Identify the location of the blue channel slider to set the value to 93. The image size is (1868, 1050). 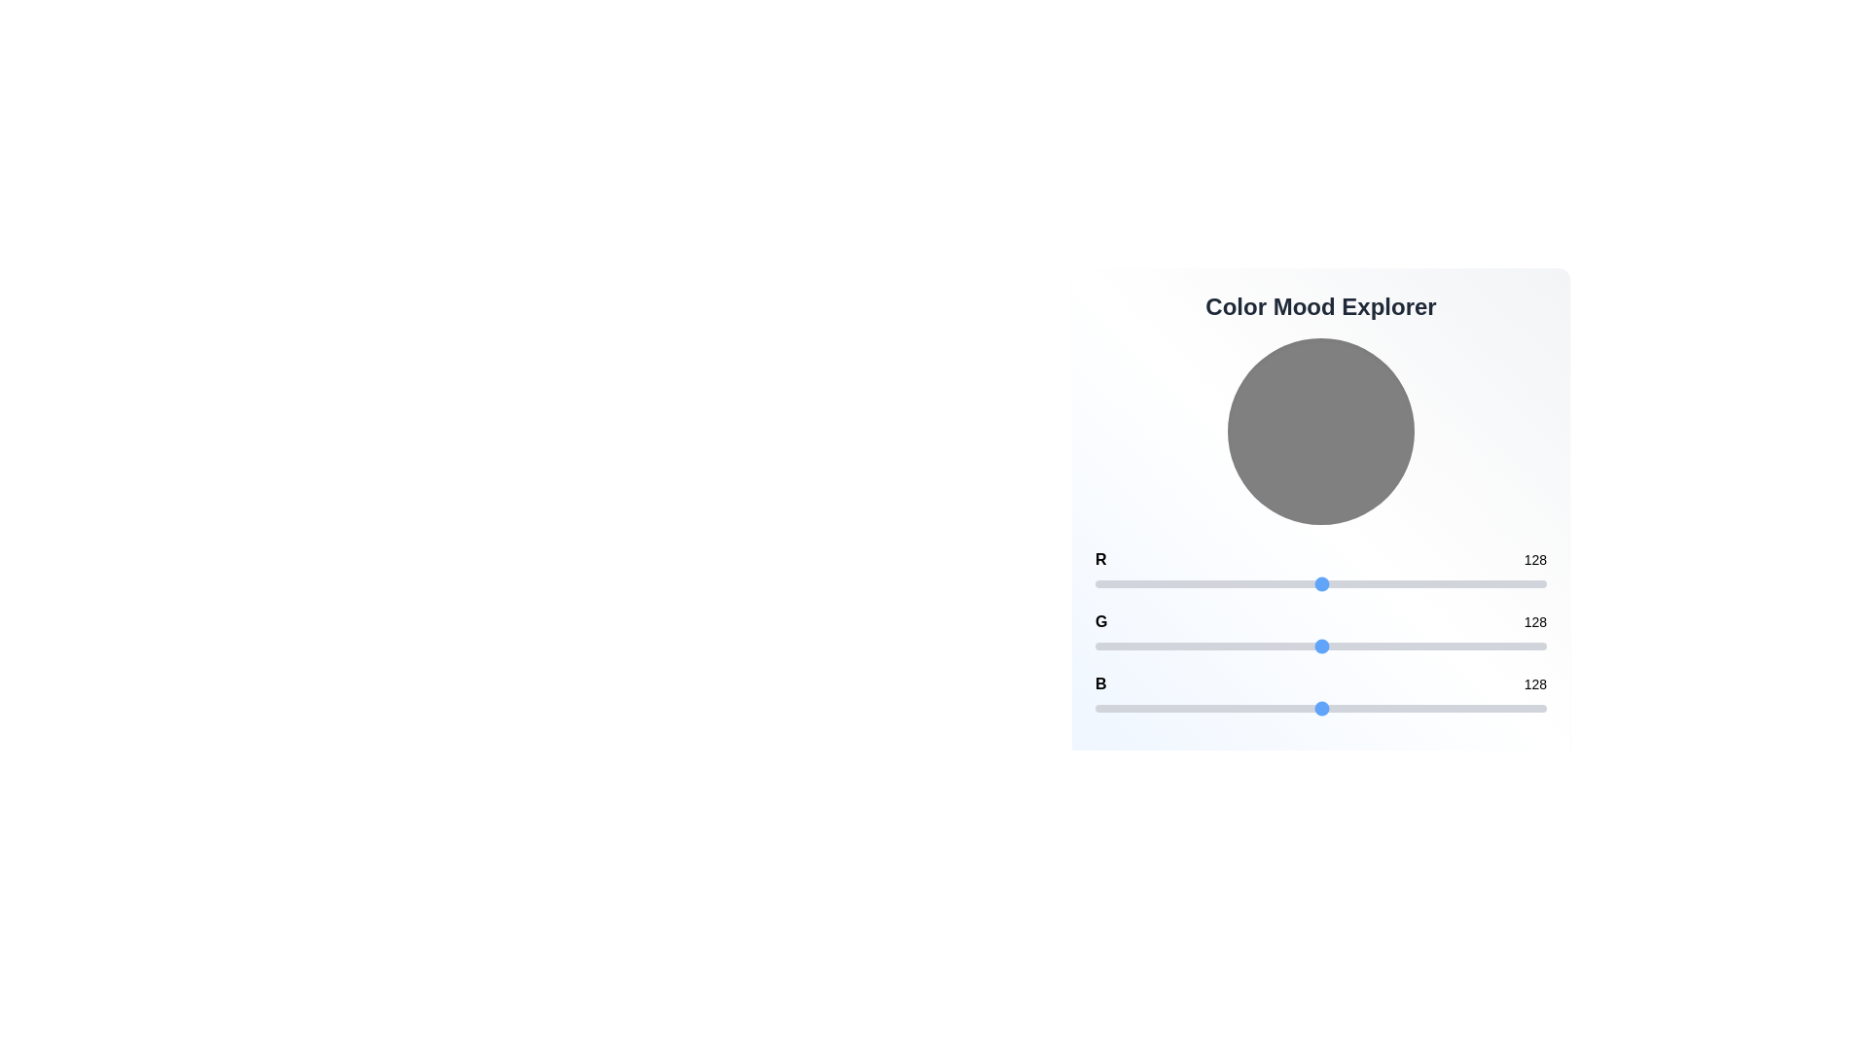
(1260, 709).